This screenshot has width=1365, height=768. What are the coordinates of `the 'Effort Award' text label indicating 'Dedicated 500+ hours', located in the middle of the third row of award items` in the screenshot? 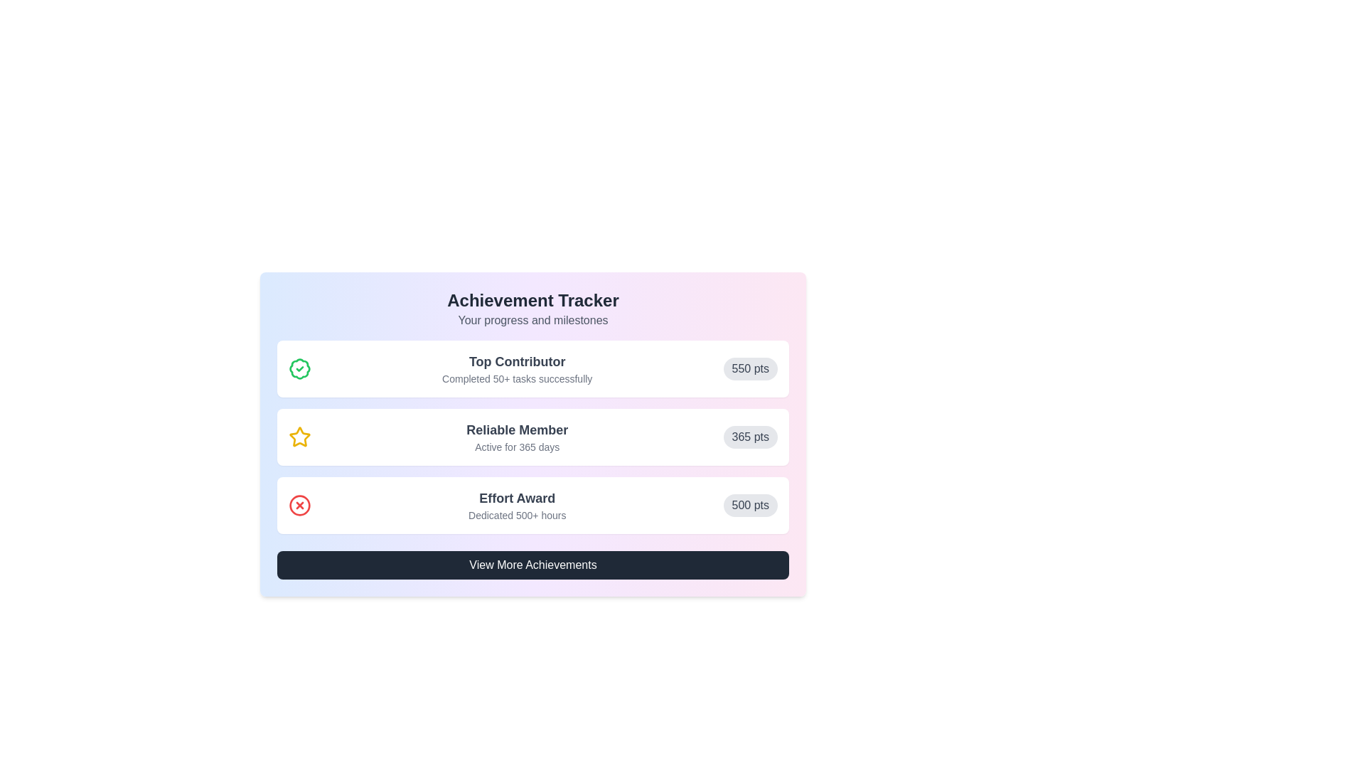 It's located at (516, 504).